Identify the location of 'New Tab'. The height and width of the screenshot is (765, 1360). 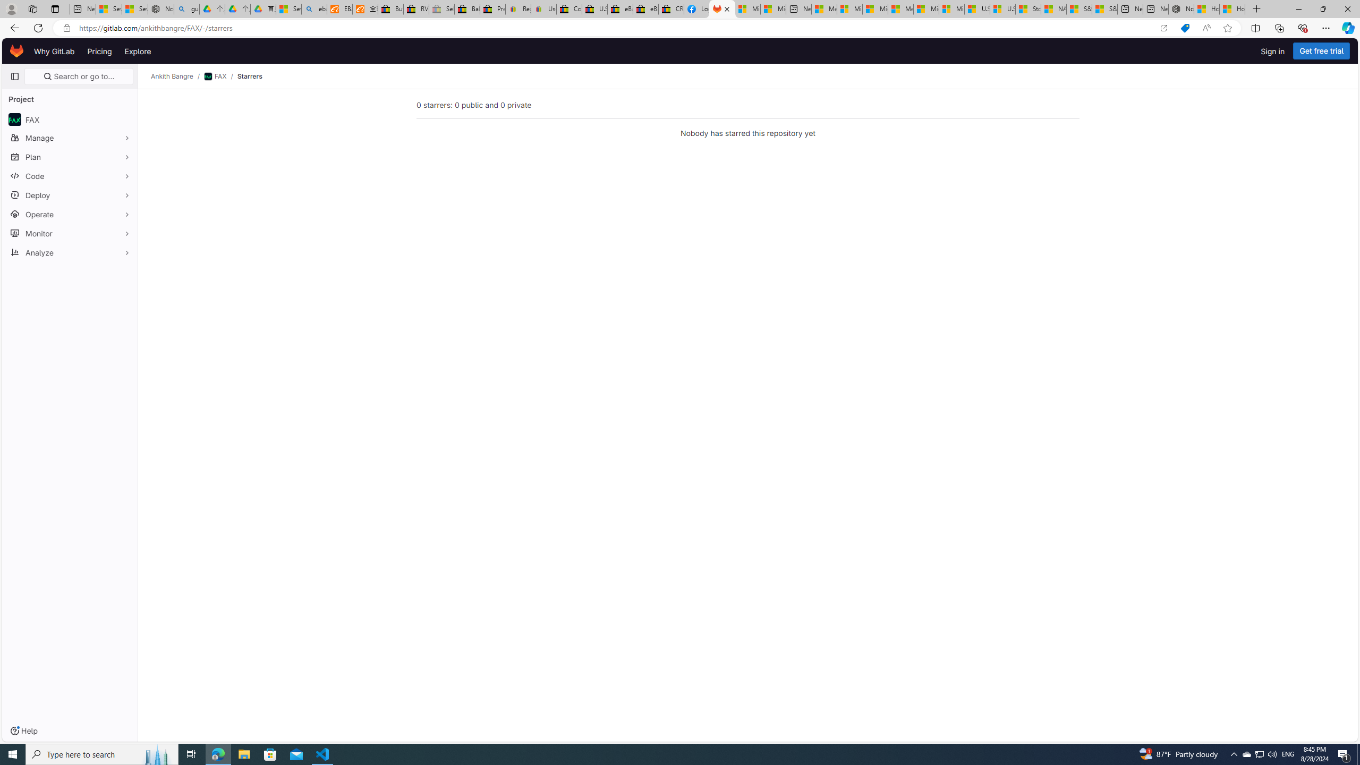
(1256, 8).